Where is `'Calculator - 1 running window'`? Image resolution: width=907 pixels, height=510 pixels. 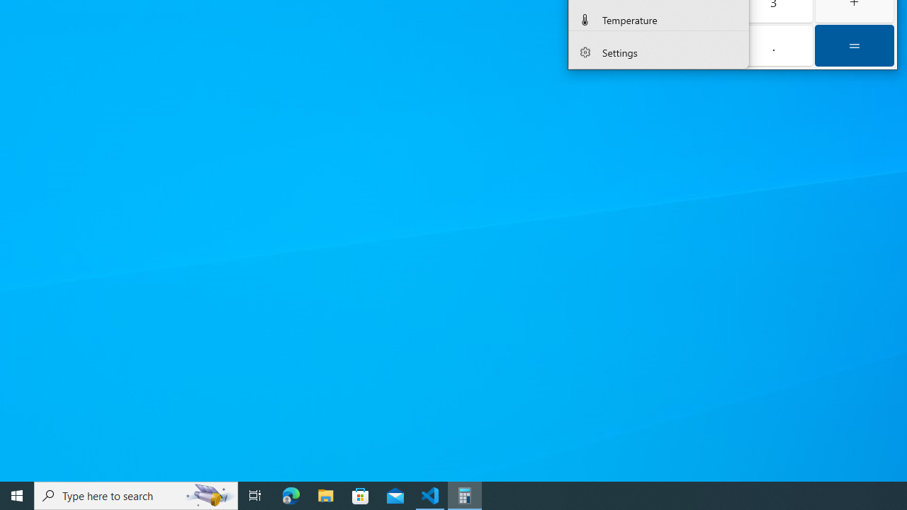 'Calculator - 1 running window' is located at coordinates (465, 494).